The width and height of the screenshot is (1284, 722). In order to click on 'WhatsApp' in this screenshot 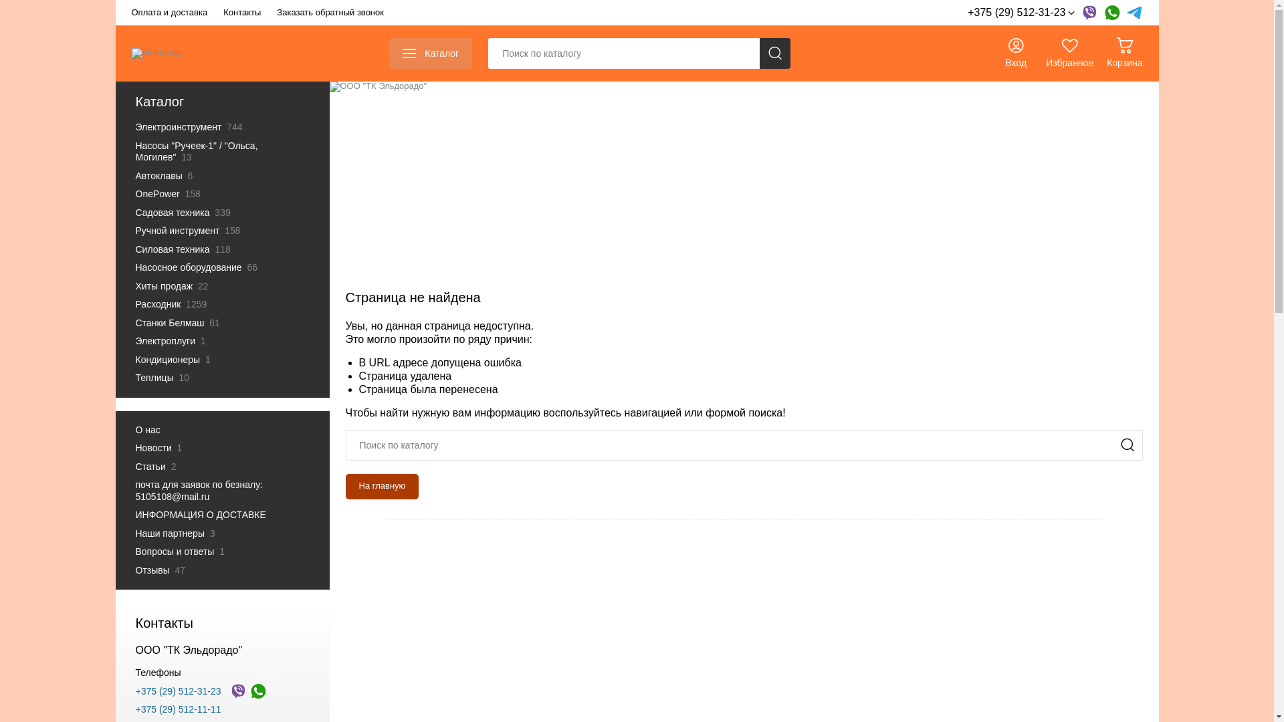, I will do `click(1111, 13)`.